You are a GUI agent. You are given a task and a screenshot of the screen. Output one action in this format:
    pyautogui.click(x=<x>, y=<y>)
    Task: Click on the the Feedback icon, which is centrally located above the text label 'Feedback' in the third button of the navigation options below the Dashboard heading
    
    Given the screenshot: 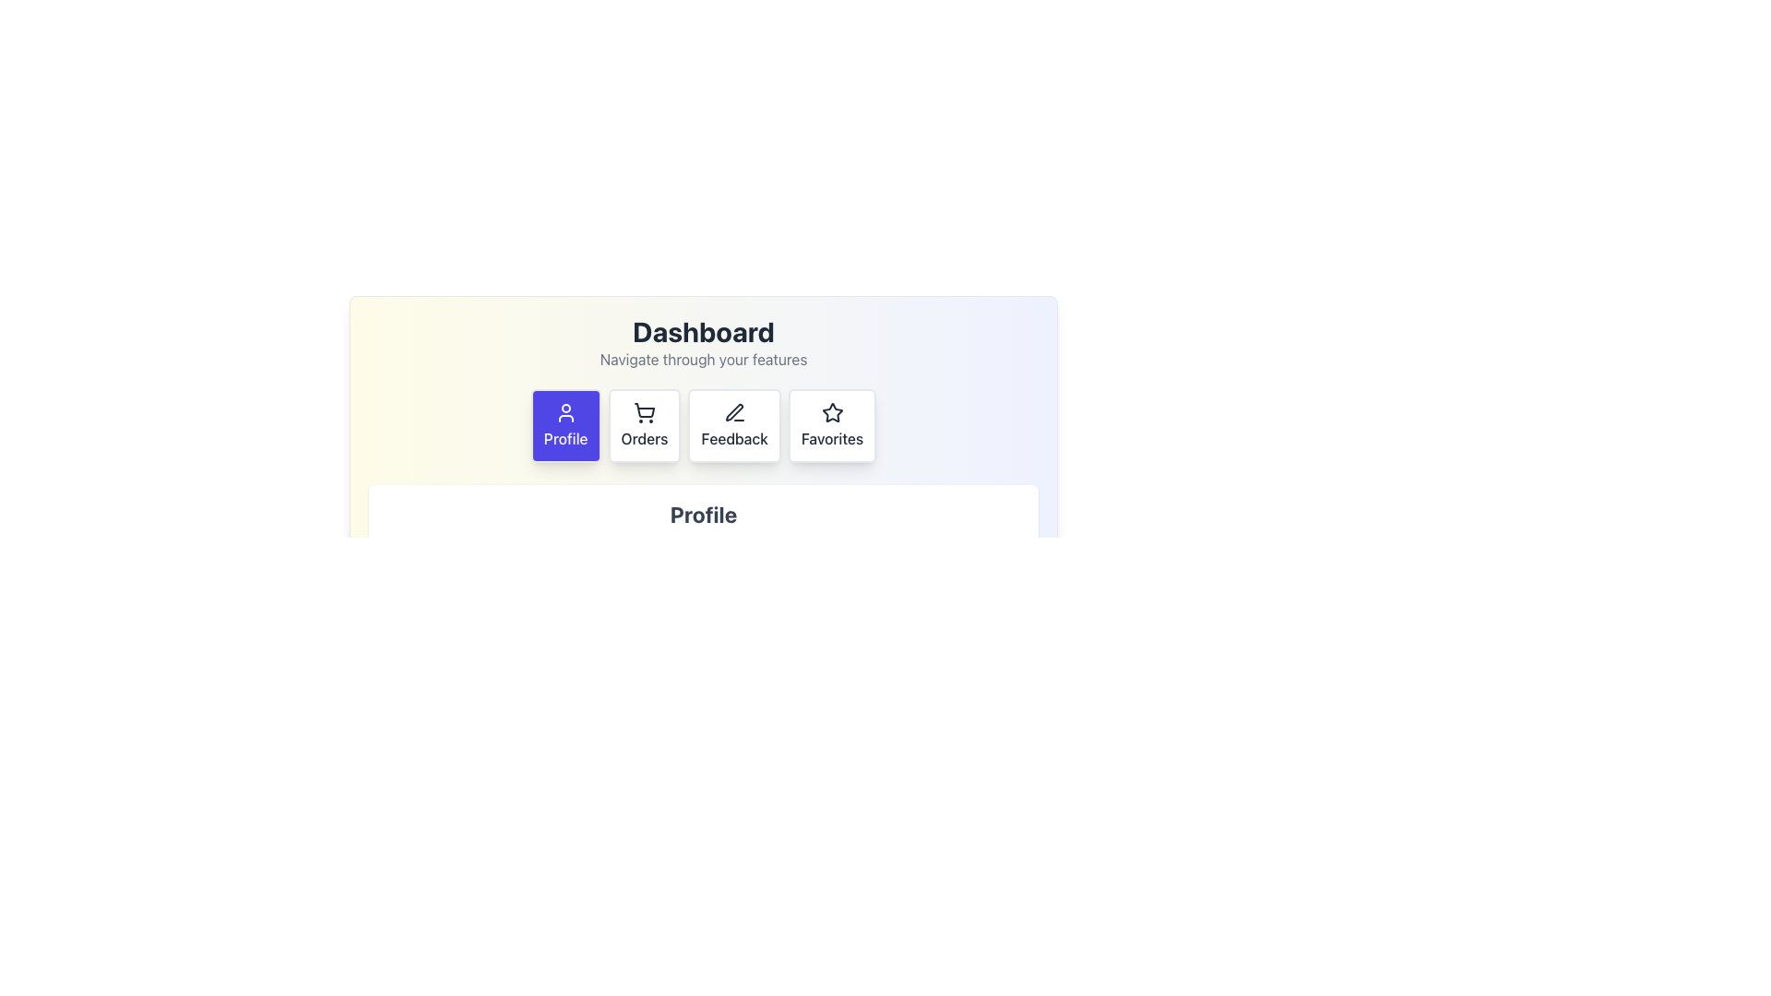 What is the action you would take?
    pyautogui.click(x=733, y=411)
    